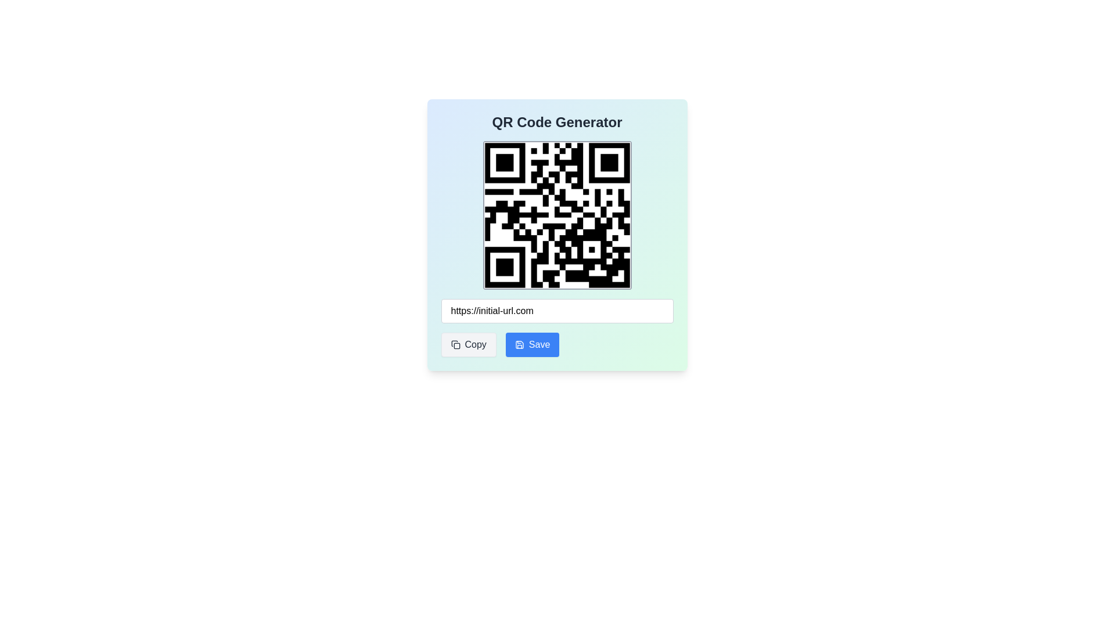 This screenshot has height=627, width=1115. Describe the element at coordinates (556, 311) in the screenshot. I see `the URL input field located directly underneath the QR code image, which is centered in the panel` at that location.